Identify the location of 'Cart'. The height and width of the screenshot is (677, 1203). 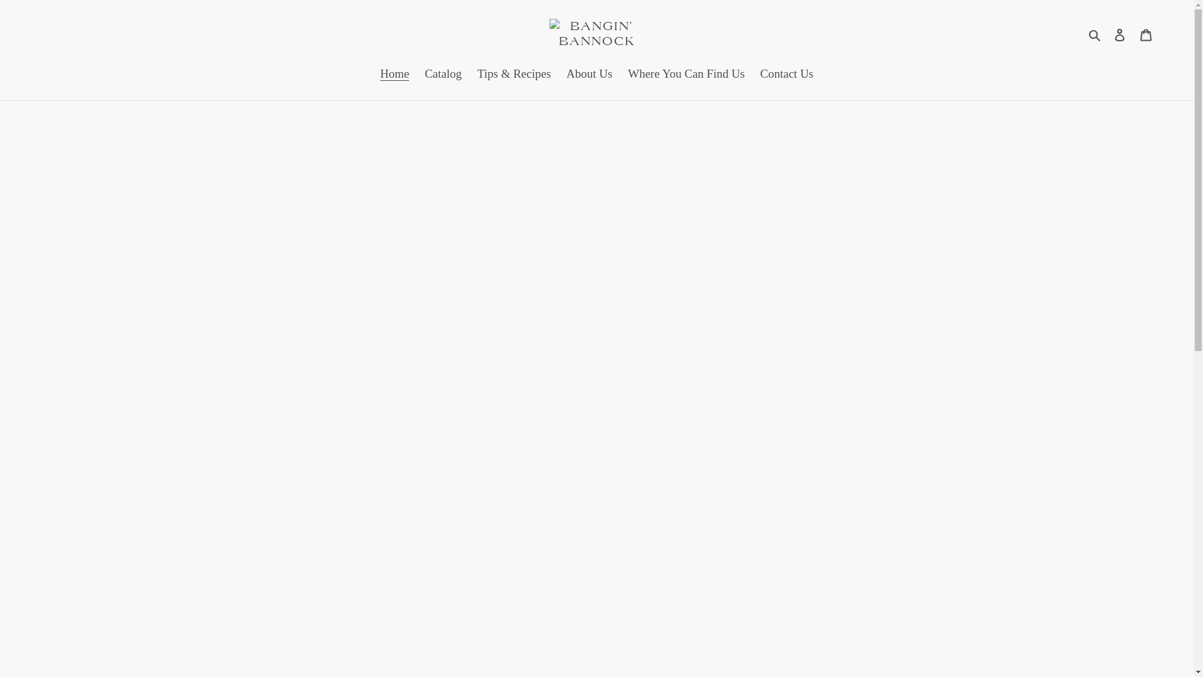
(1145, 33).